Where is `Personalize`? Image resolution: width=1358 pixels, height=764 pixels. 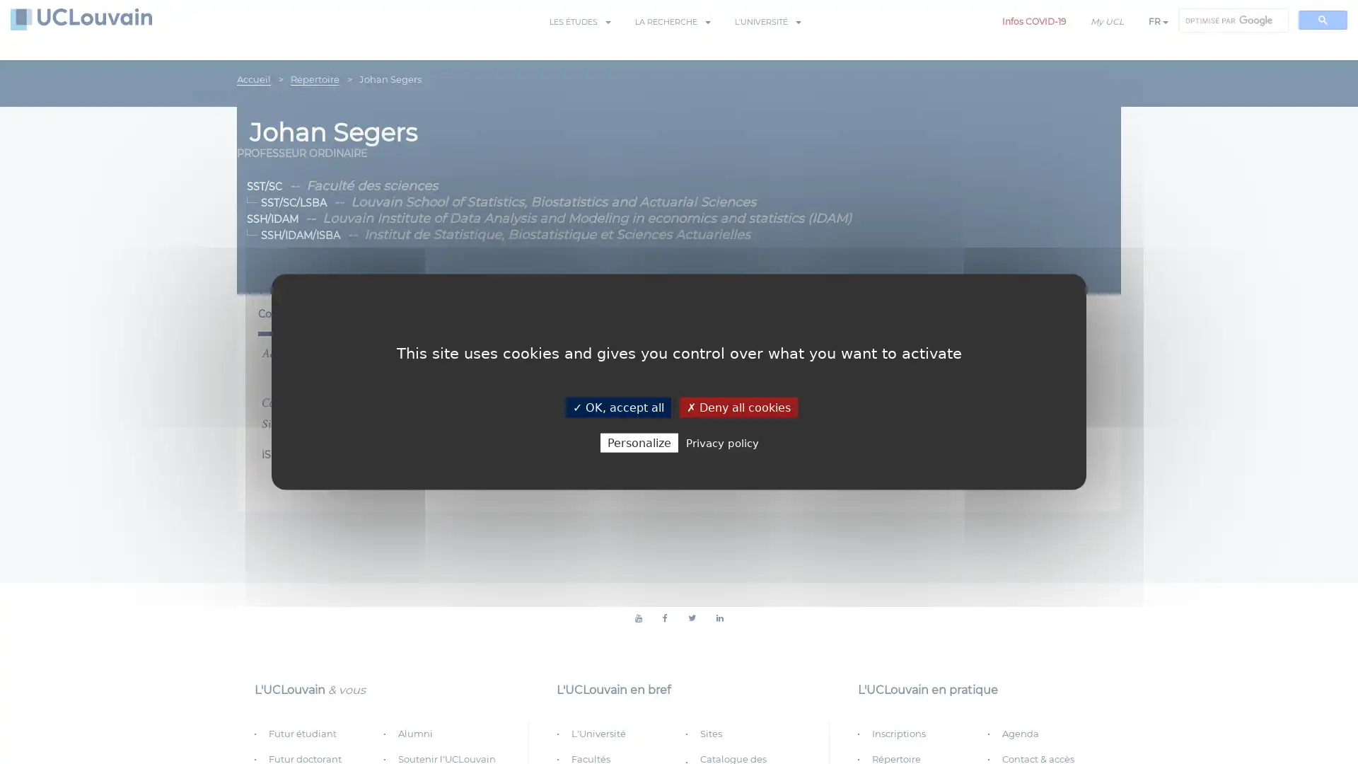 Personalize is located at coordinates (637, 441).